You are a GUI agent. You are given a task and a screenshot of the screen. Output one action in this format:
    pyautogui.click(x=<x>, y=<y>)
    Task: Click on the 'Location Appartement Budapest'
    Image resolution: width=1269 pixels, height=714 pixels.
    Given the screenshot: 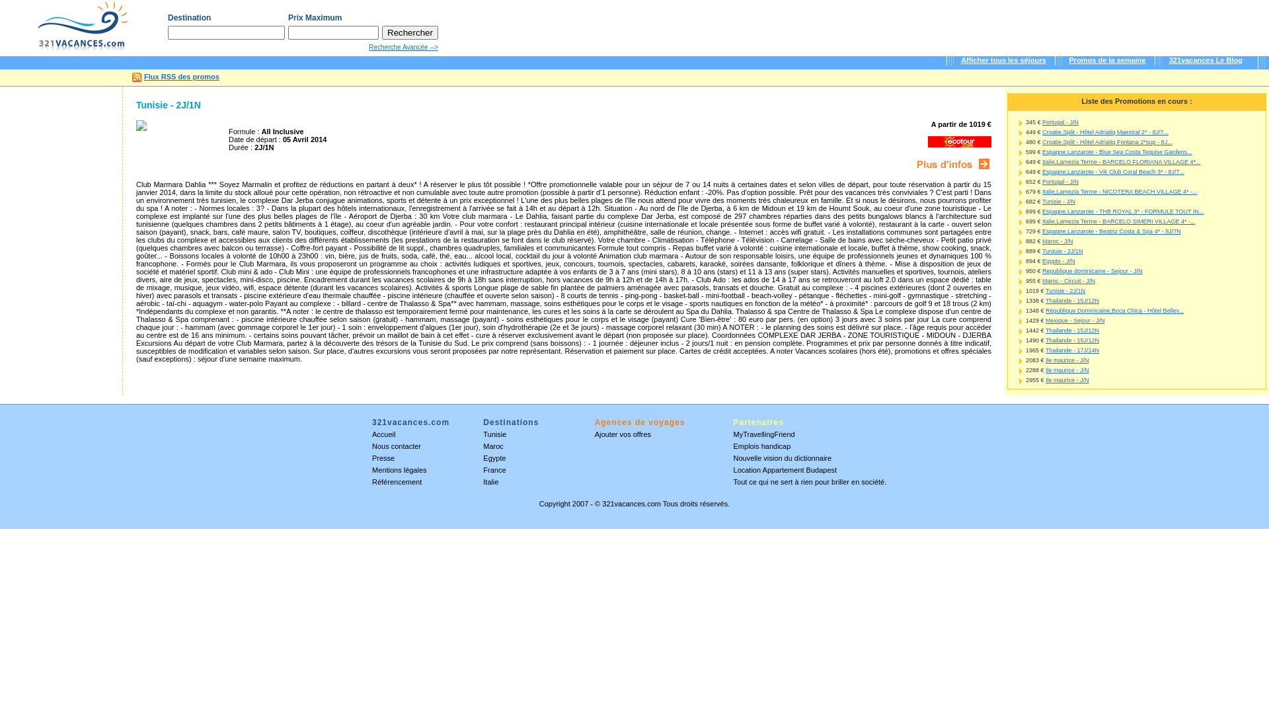 What is the action you would take?
    pyautogui.click(x=785, y=469)
    